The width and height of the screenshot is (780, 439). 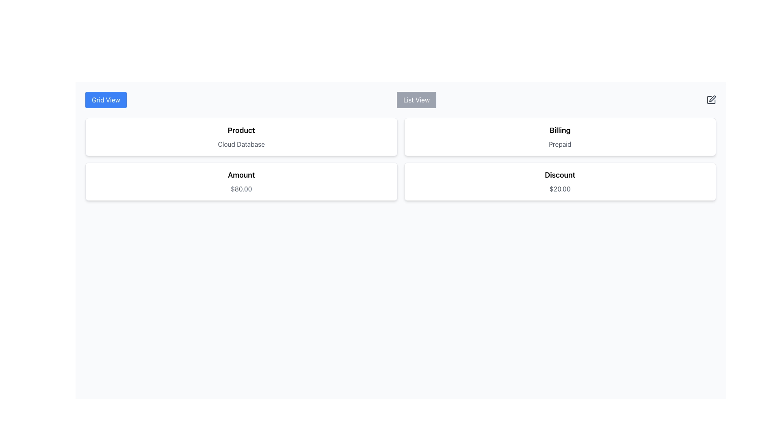 I want to click on the second button that toggles the view mode to List View, located to the right of the Grid View button, so click(x=416, y=100).